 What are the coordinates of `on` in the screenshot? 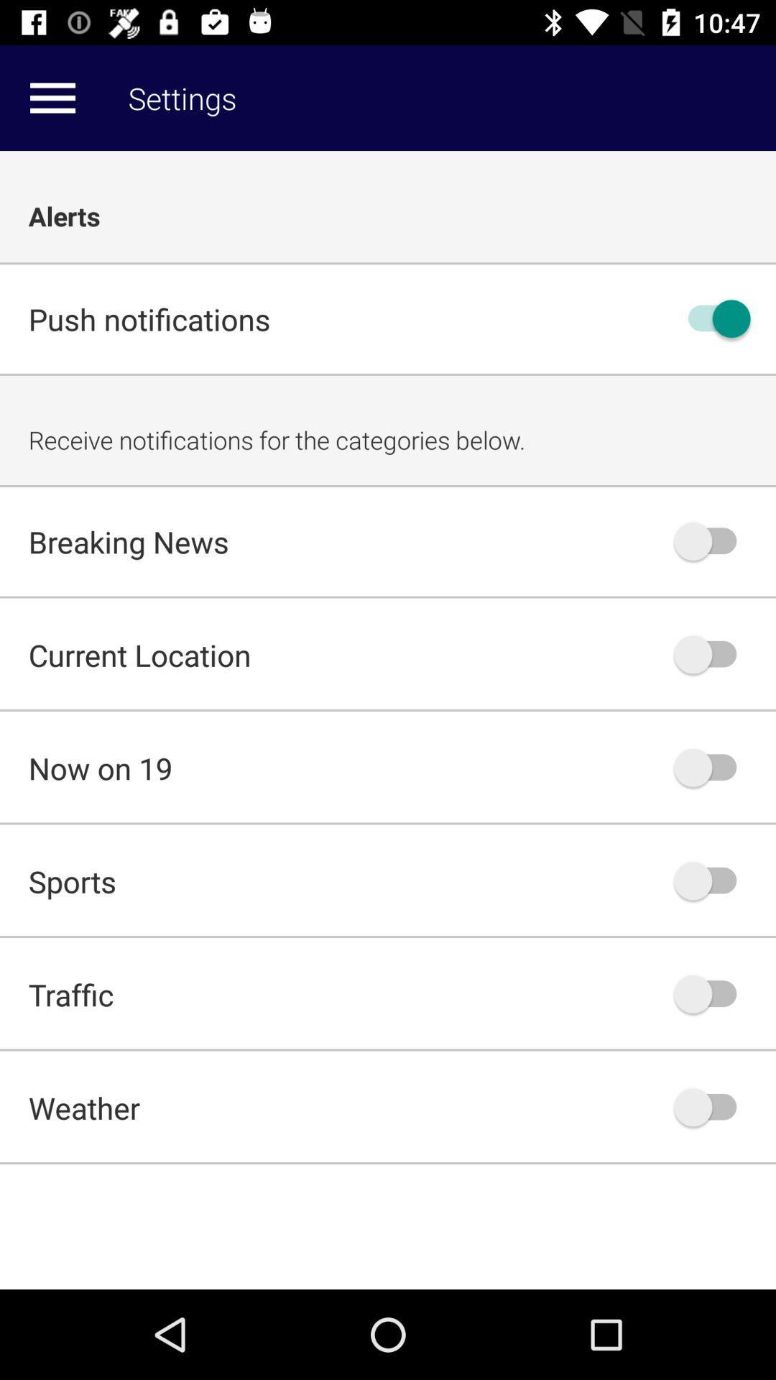 It's located at (712, 318).